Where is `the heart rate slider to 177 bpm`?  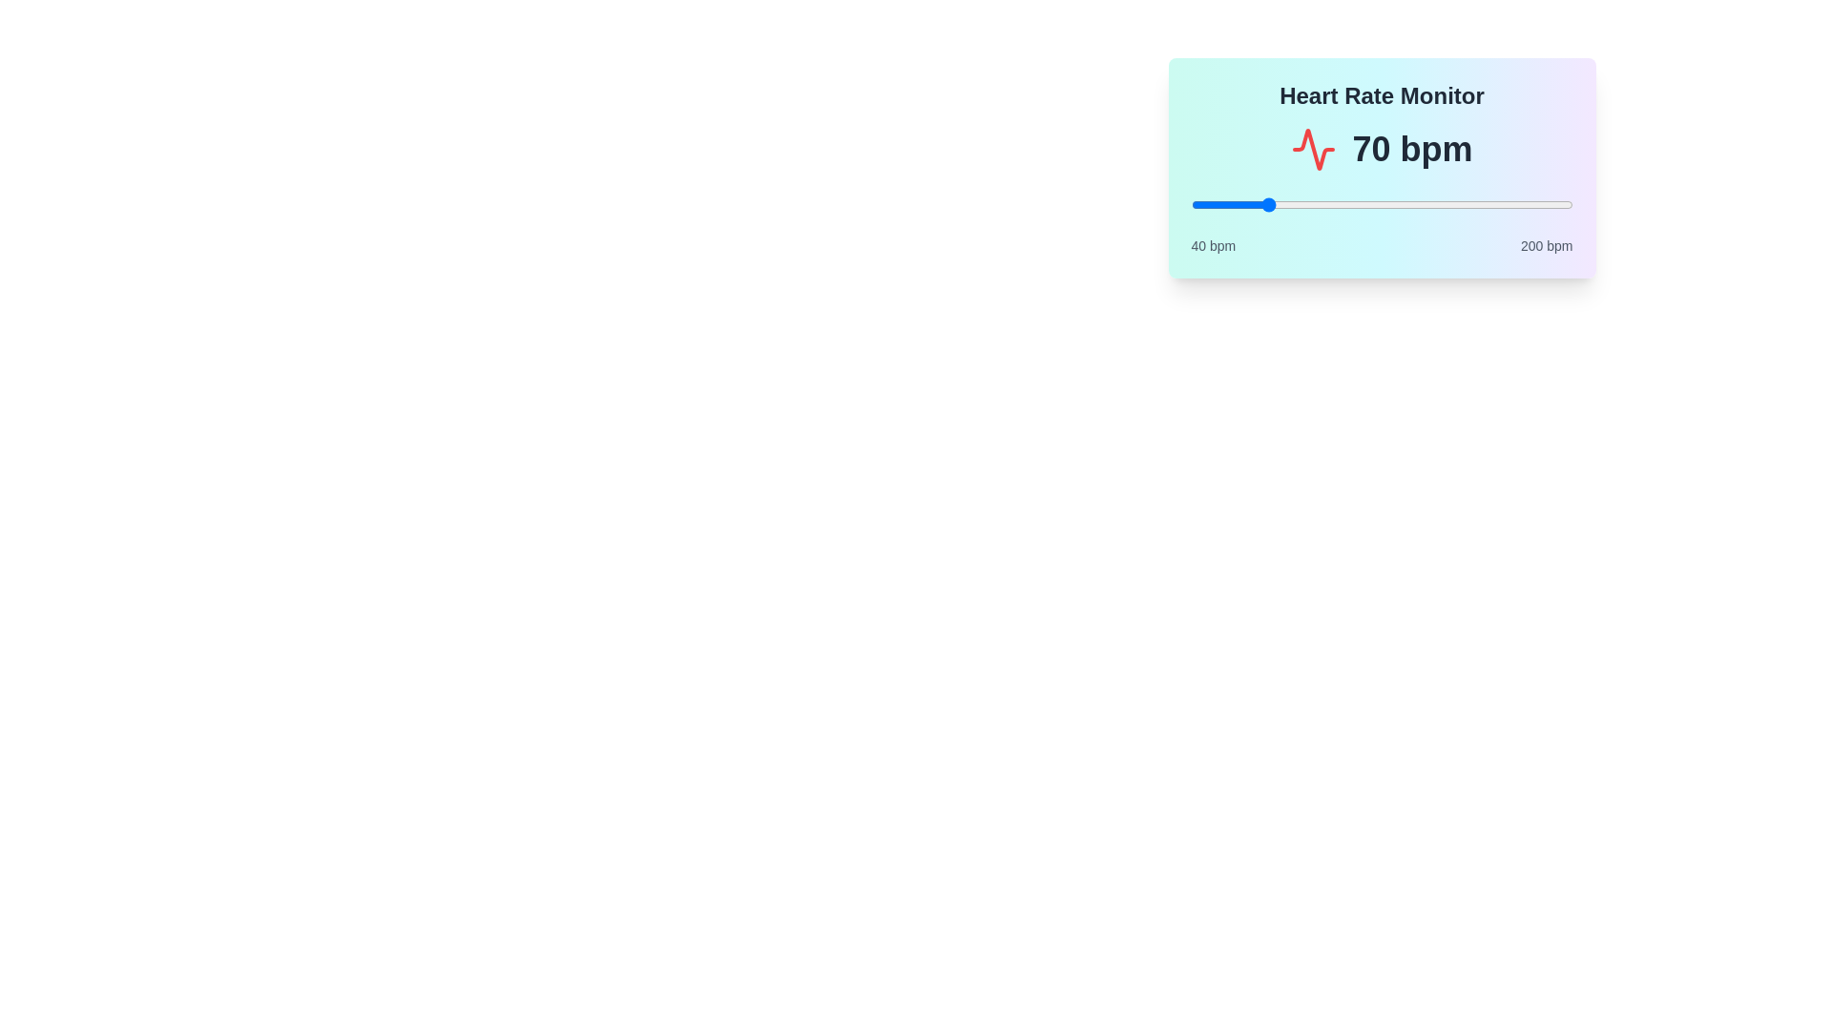
the heart rate slider to 177 bpm is located at coordinates (1516, 205).